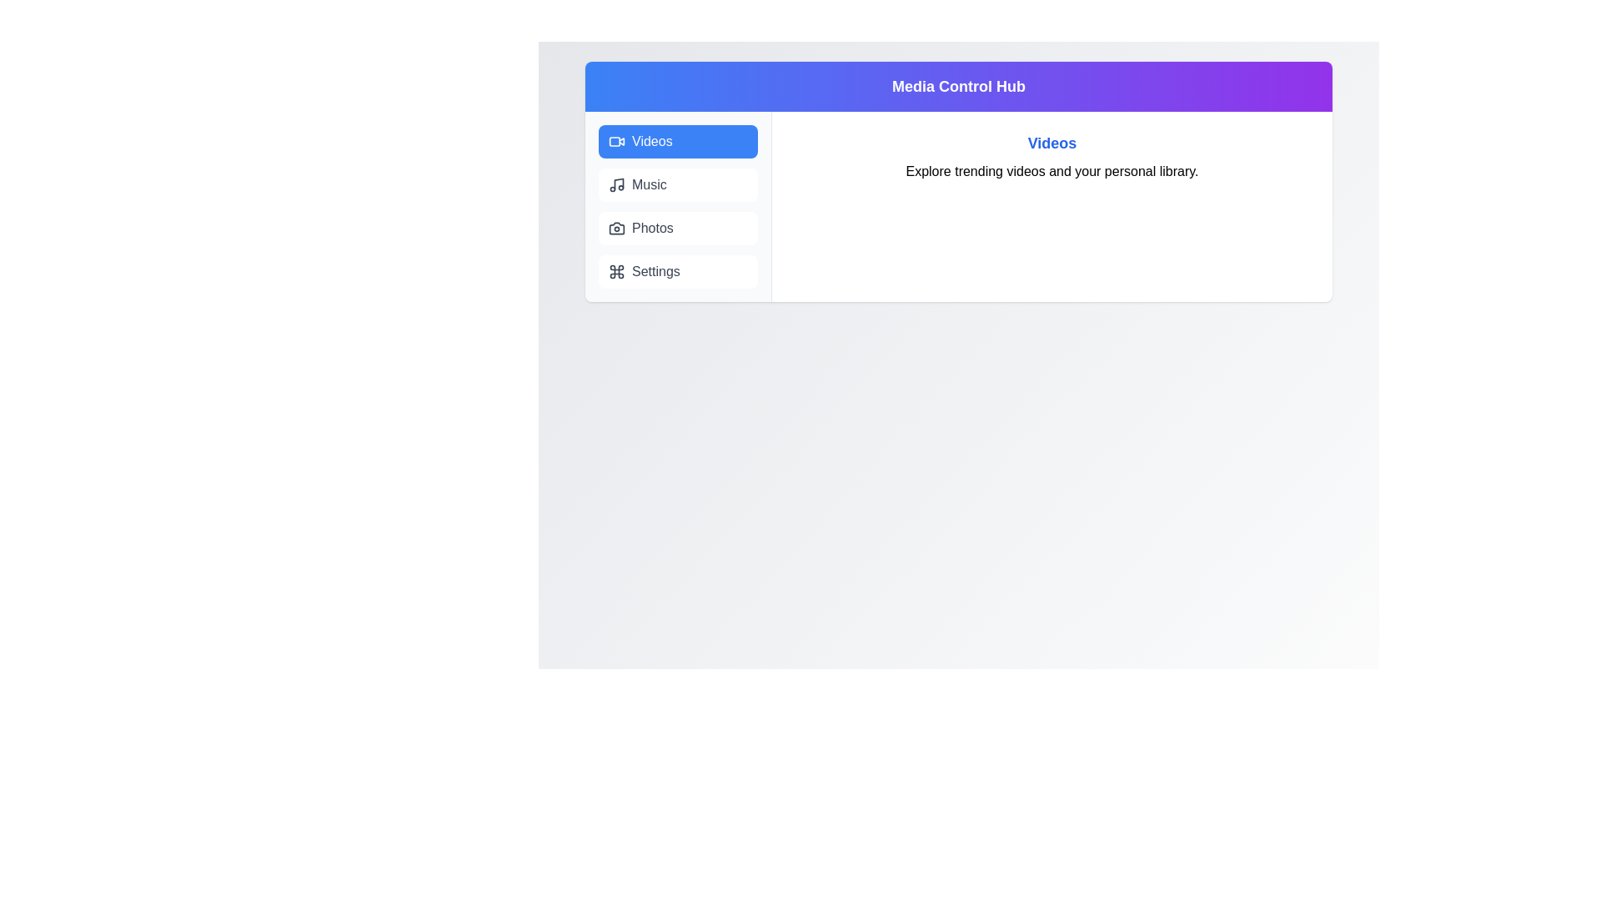 The height and width of the screenshot is (901, 1601). What do you see at coordinates (678, 228) in the screenshot?
I see `the Photos tab to view its content` at bounding box center [678, 228].